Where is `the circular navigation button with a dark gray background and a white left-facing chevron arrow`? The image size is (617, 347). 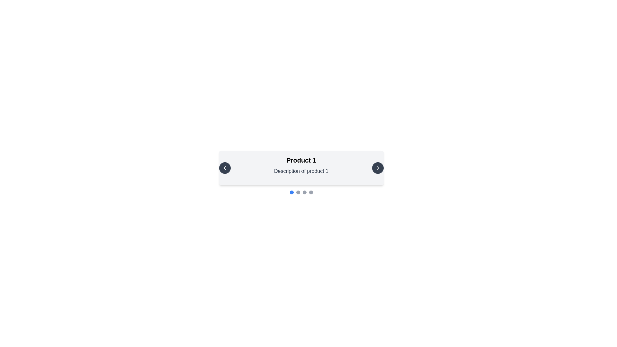
the circular navigation button with a dark gray background and a white left-facing chevron arrow is located at coordinates (225, 168).